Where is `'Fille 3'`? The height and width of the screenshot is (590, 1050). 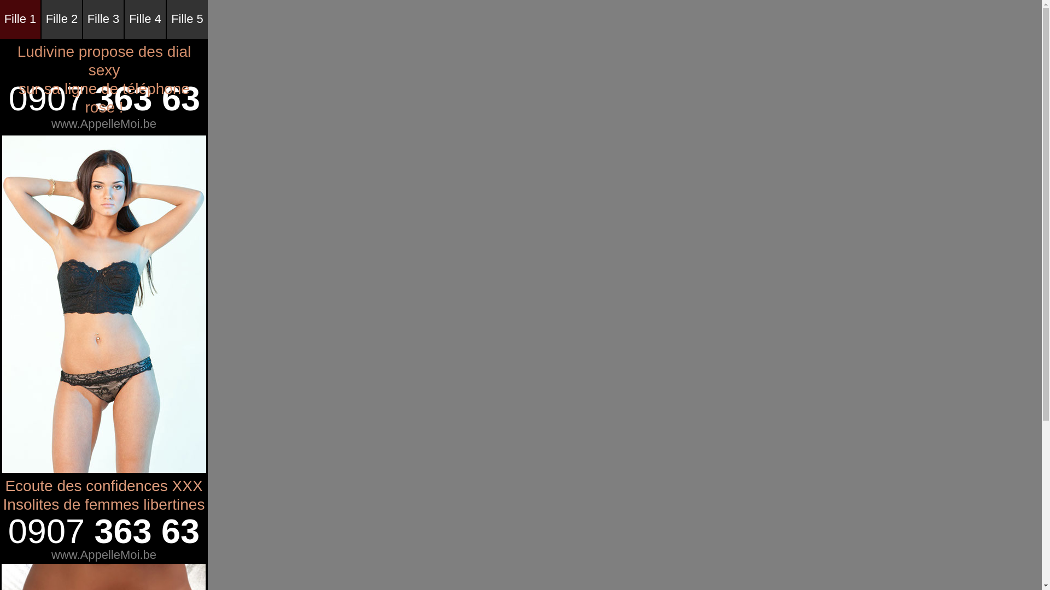 'Fille 3' is located at coordinates (103, 19).